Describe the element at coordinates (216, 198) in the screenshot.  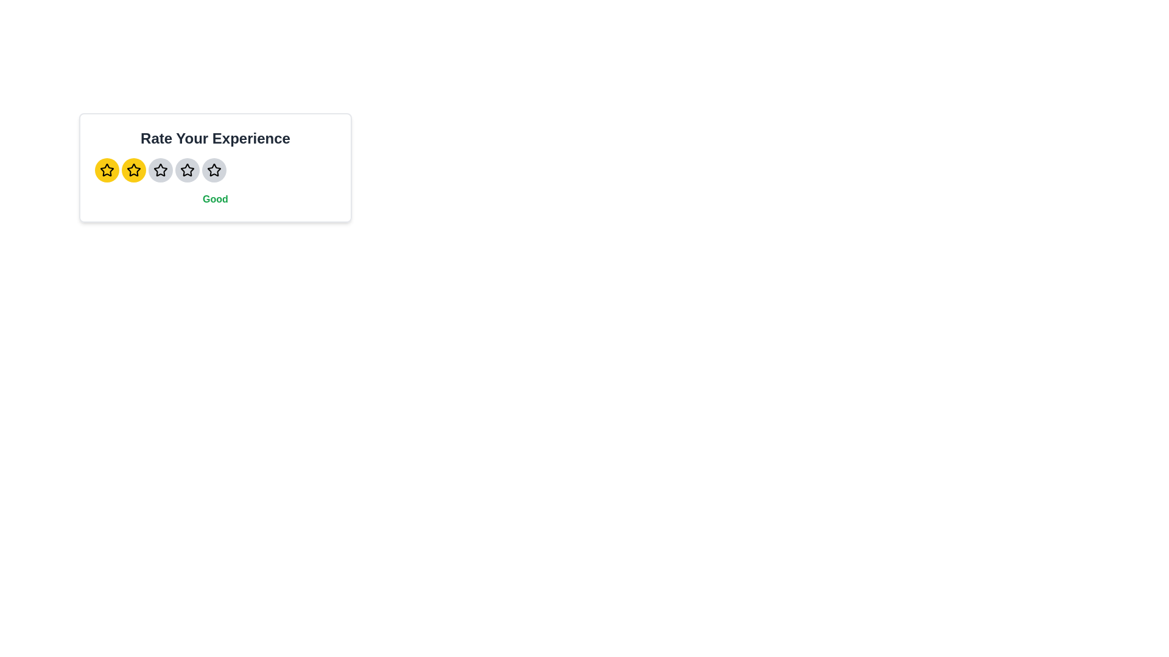
I see `the text label 'Good' that is located below the star rating icons in the 'Rate Your Experience' card` at that location.